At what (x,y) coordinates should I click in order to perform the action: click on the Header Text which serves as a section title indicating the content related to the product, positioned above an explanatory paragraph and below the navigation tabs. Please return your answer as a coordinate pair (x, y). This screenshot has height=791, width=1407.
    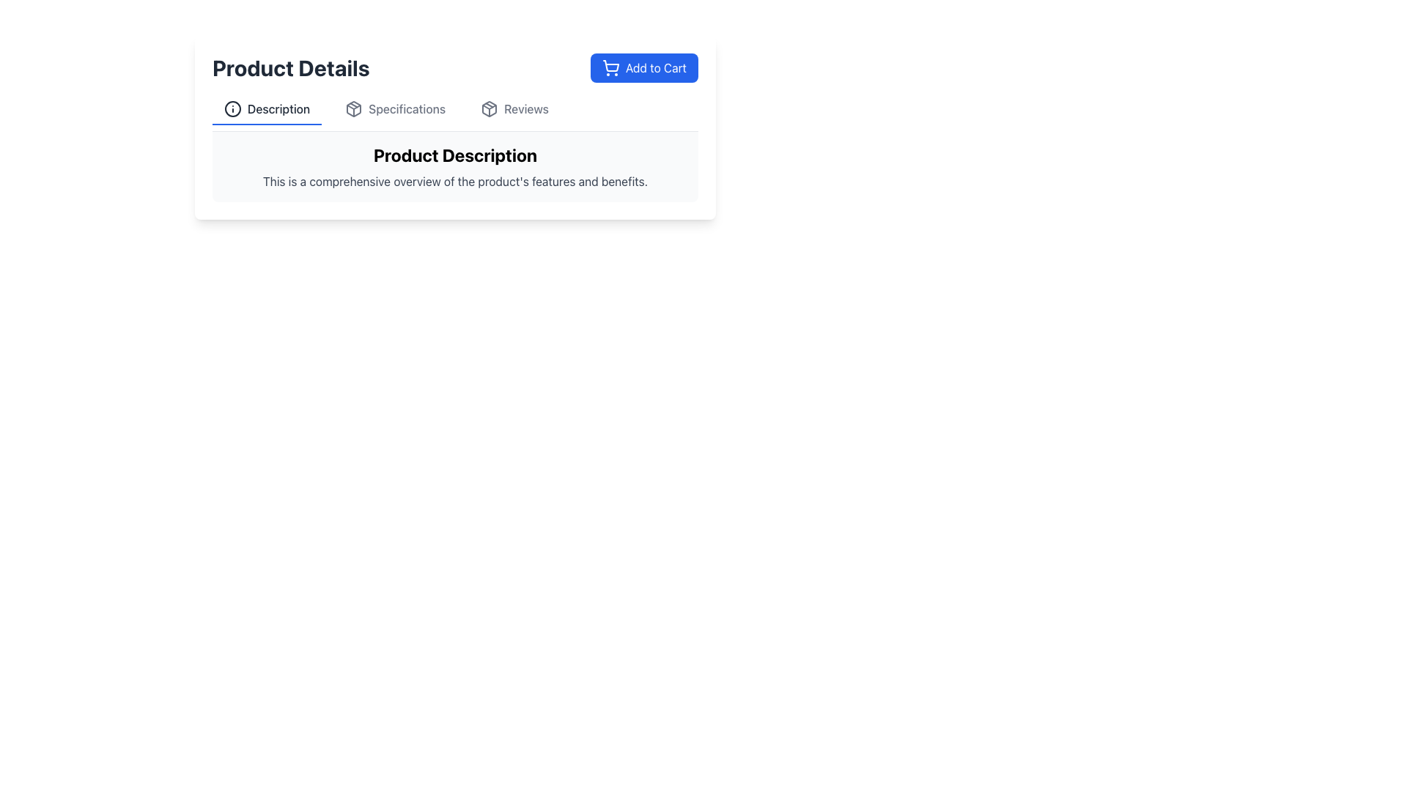
    Looking at the image, I should click on (454, 155).